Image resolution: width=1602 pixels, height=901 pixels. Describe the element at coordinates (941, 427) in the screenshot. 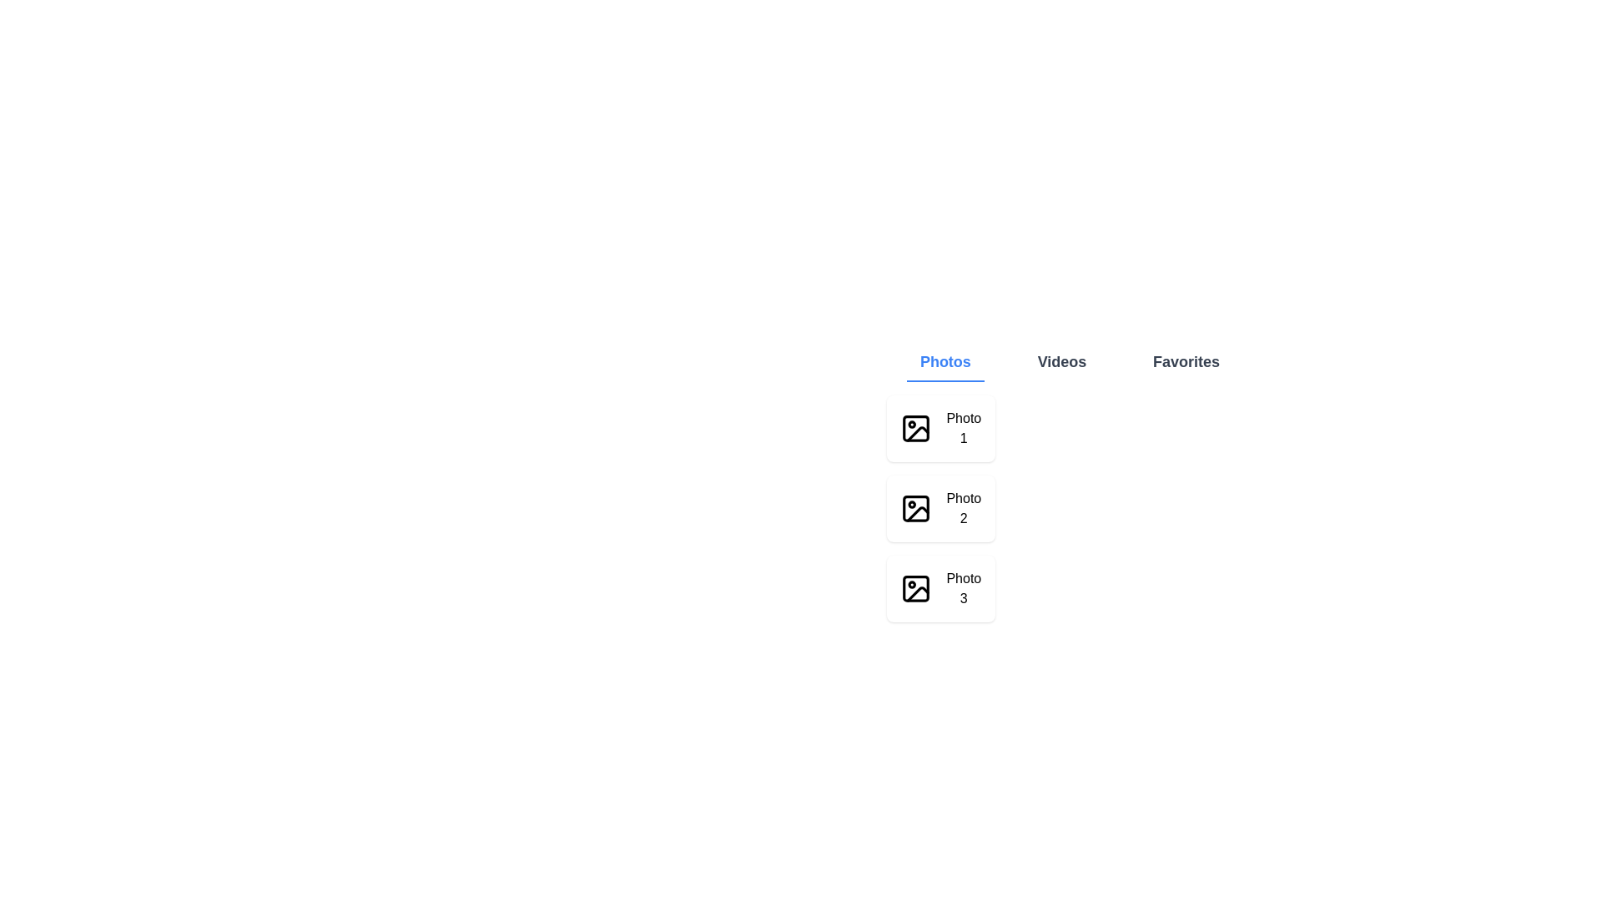

I see `the first card labeled 'Photo 1'` at that location.